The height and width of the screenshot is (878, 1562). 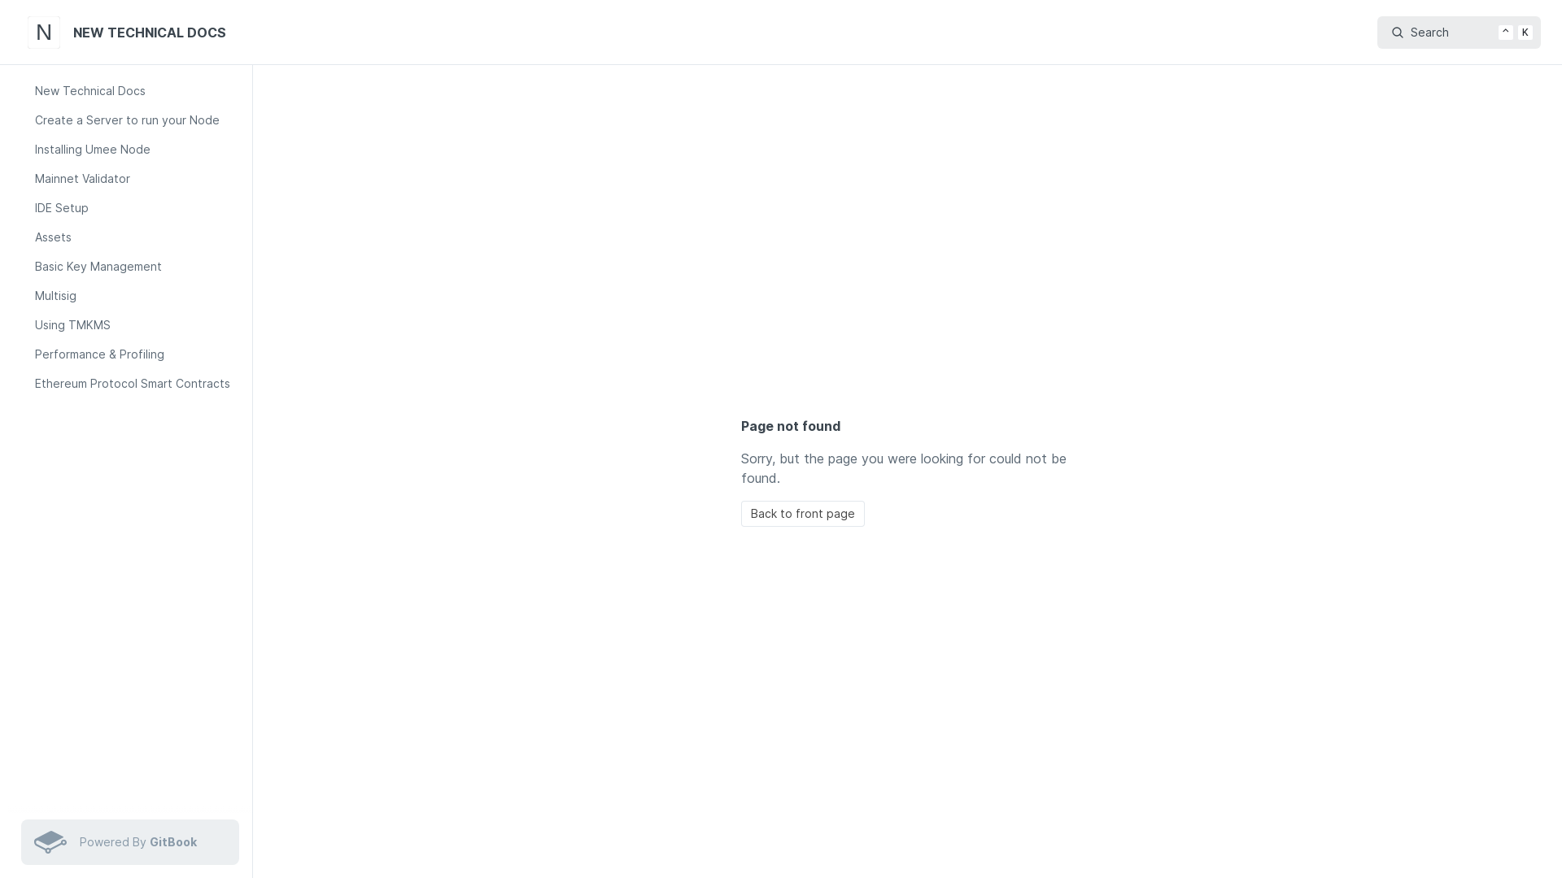 What do you see at coordinates (27, 90) in the screenshot?
I see `'New Technical Docs'` at bounding box center [27, 90].